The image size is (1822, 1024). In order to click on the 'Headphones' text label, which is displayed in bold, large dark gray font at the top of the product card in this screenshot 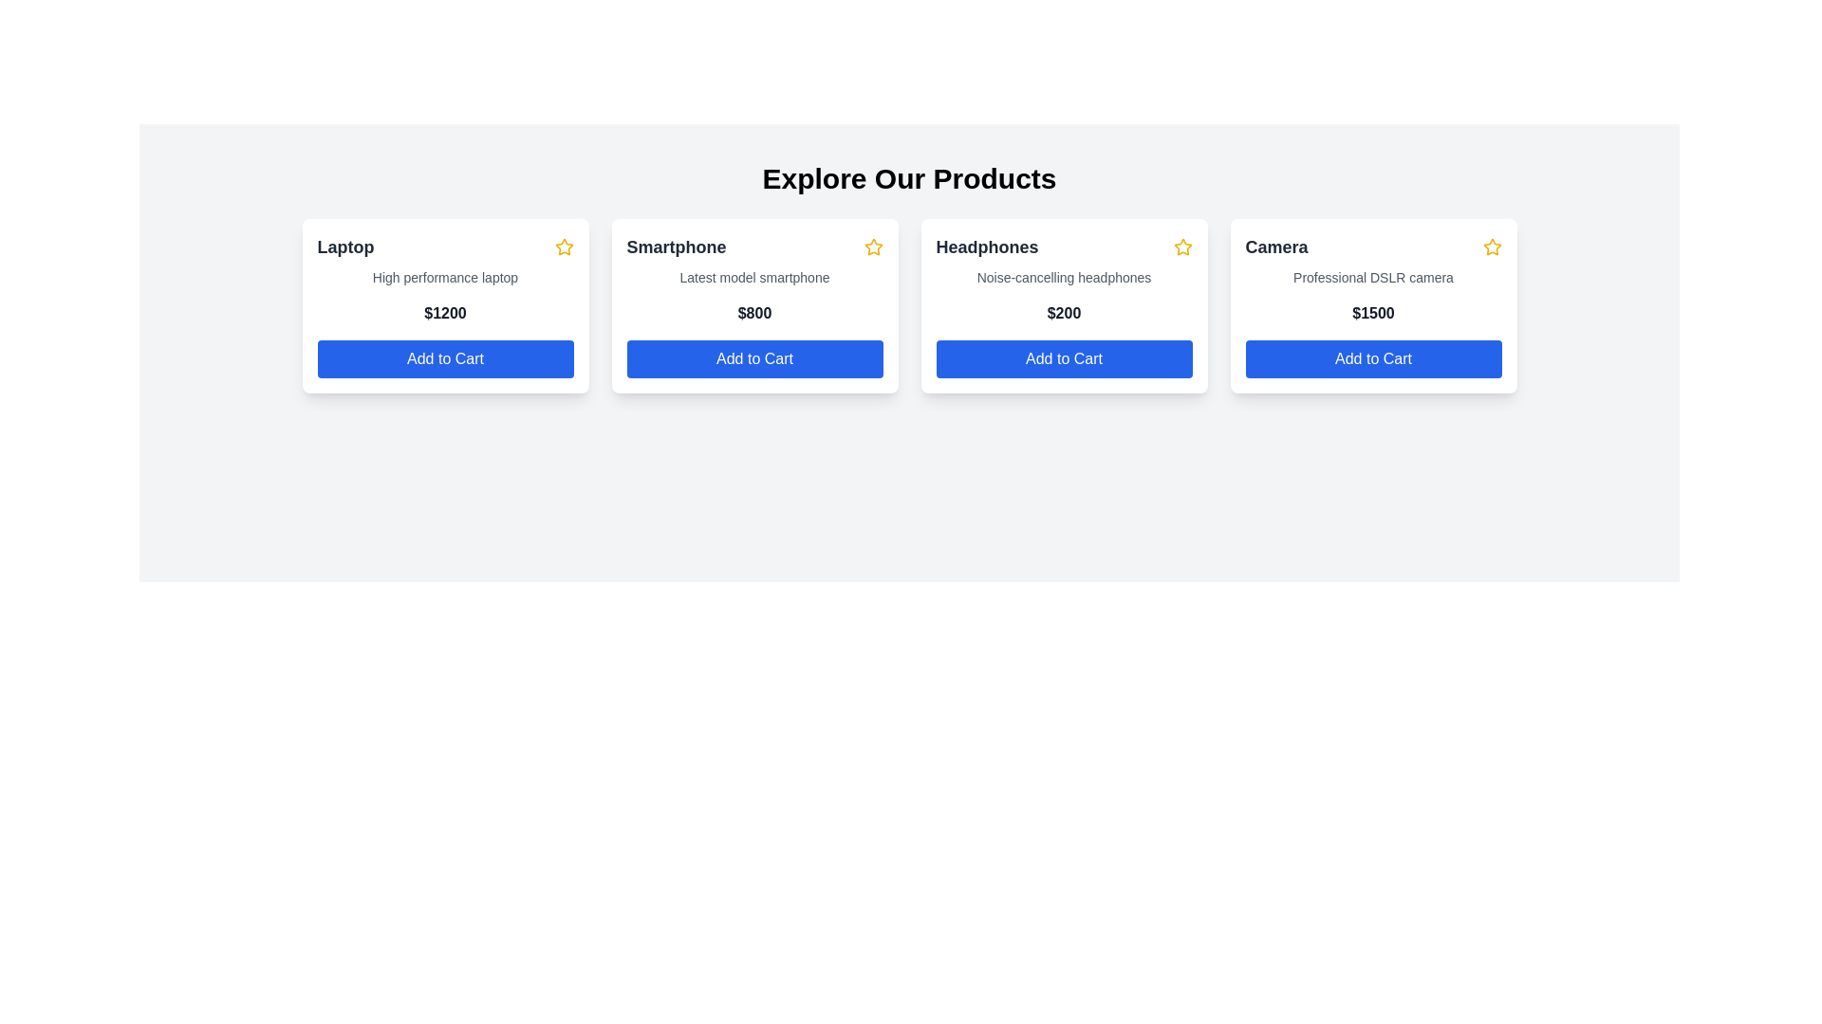, I will do `click(987, 247)`.